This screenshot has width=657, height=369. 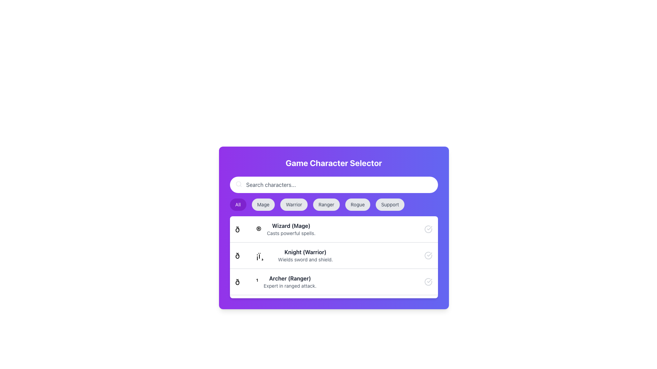 What do you see at coordinates (428, 256) in the screenshot?
I see `the icon on the right side of the 'Knight (Warrior)' entry in the Game Character Selector` at bounding box center [428, 256].